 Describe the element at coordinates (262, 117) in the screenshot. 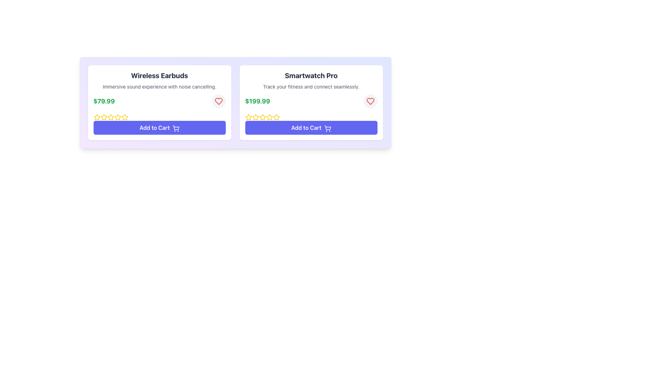

I see `the fourth star icon in the rating system, located under the price label '$199.99' in the second card of the product grid` at that location.